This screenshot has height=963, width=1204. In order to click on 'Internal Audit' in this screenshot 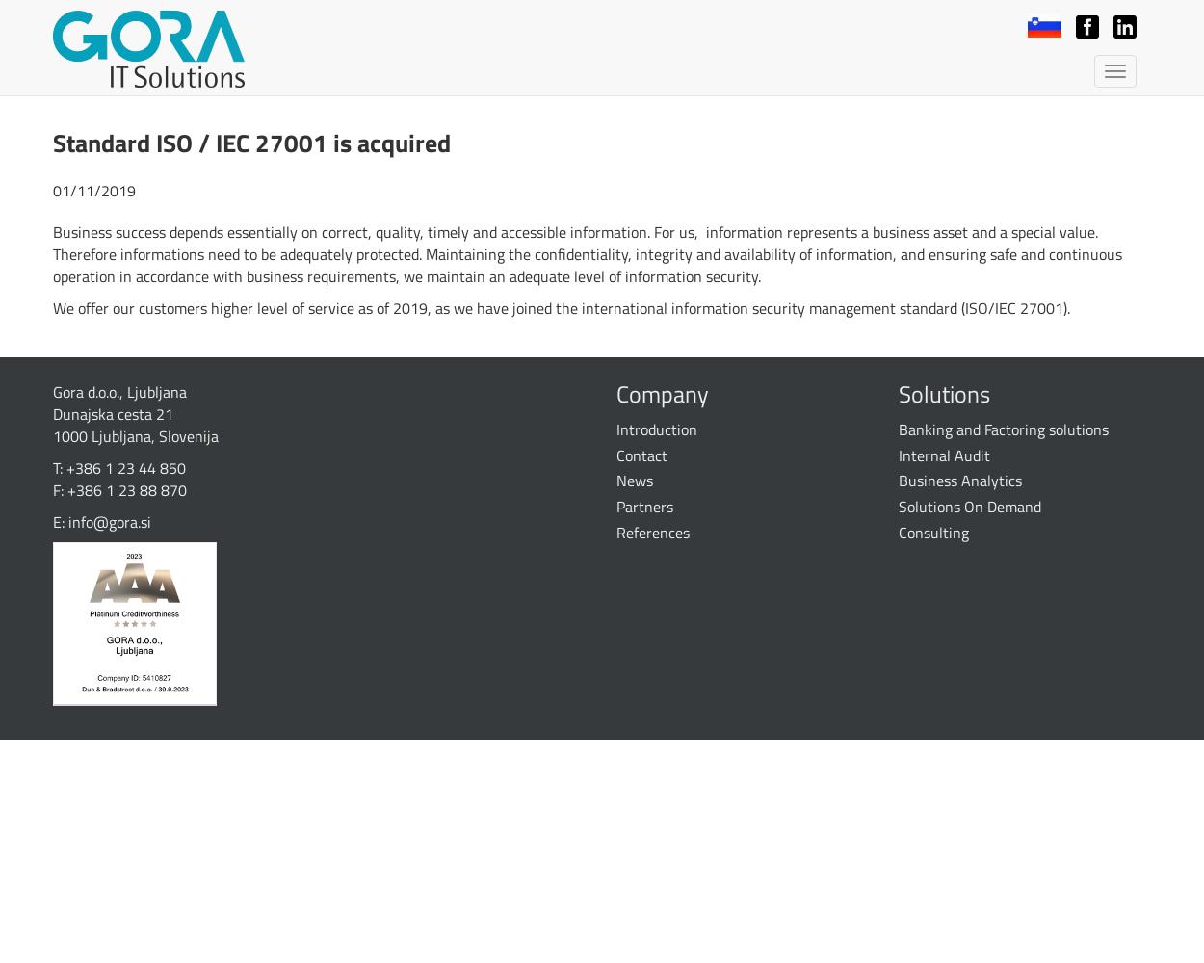, I will do `click(898, 454)`.